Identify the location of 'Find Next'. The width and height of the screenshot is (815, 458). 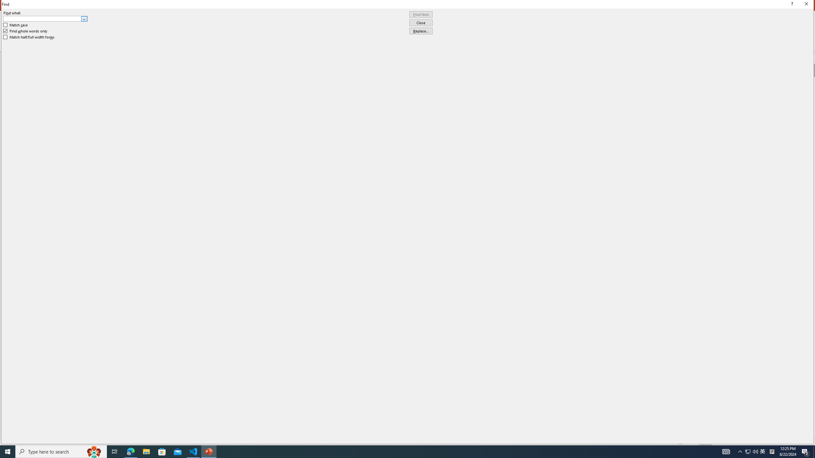
(421, 14).